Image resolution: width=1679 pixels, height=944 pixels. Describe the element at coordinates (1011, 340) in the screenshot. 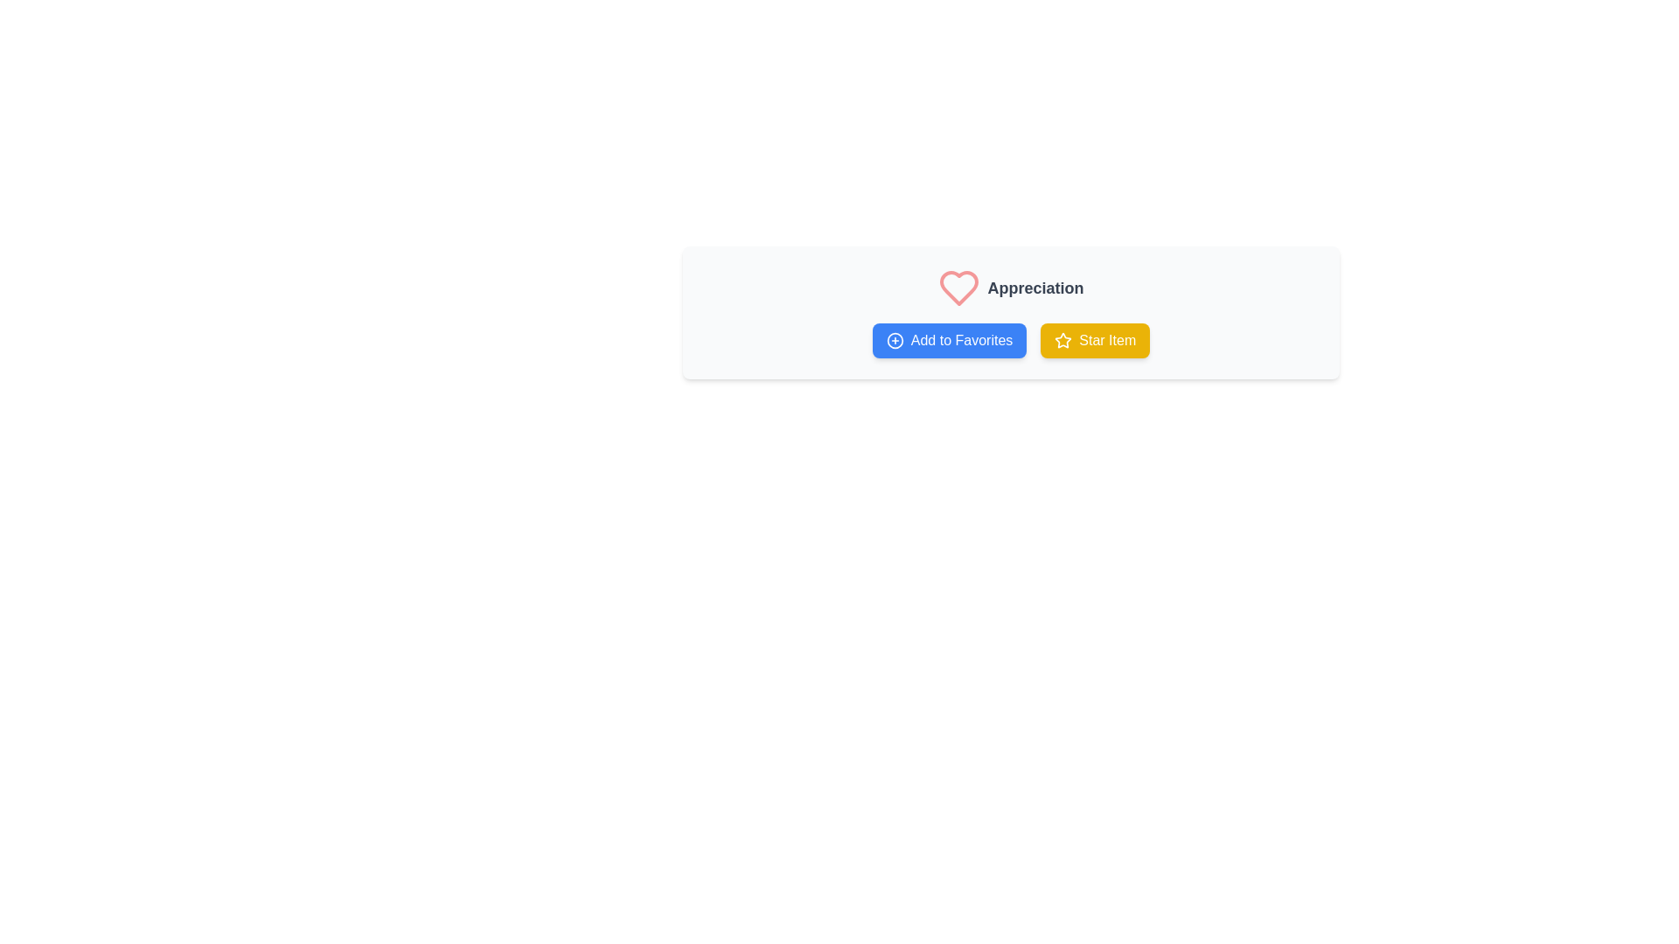

I see `the 'Add to Favorites' button, which is a rectangular button with a blue background and white text, located to the left of the 'Star Item' button in the 'Appreciation' section` at that location.